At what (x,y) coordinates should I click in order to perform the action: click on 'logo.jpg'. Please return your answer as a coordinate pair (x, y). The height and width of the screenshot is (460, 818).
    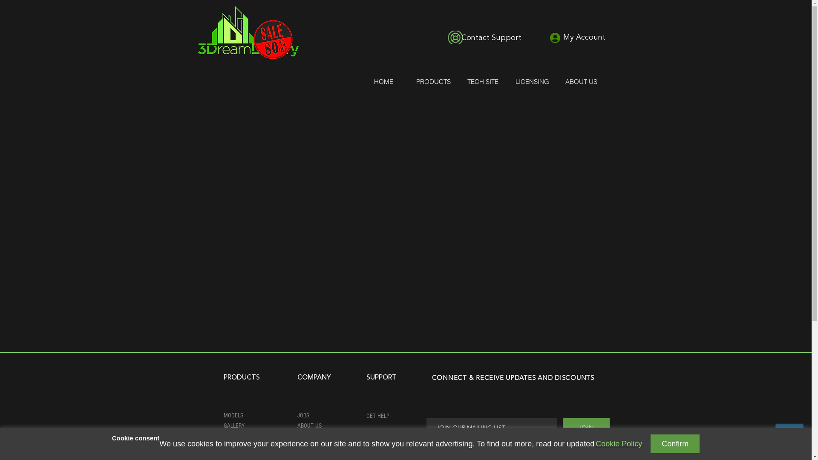
    Looking at the image, I should click on (247, 32).